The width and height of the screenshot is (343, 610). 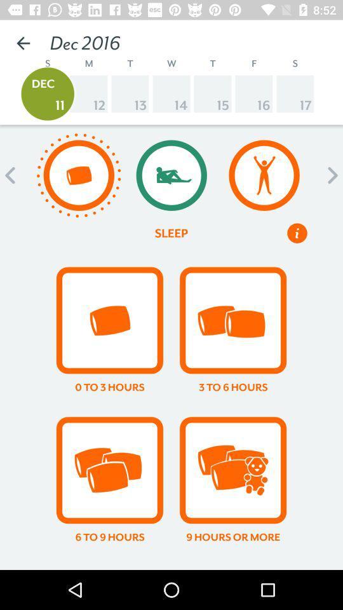 What do you see at coordinates (329, 175) in the screenshot?
I see `the arrow_forward icon` at bounding box center [329, 175].